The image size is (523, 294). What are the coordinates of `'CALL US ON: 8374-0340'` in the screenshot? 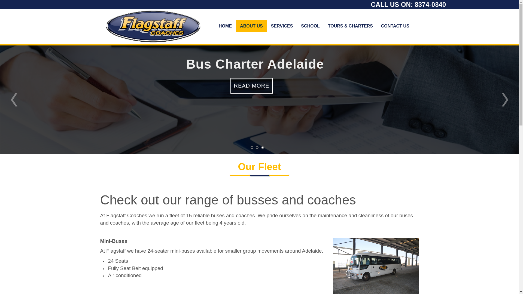 It's located at (408, 4).